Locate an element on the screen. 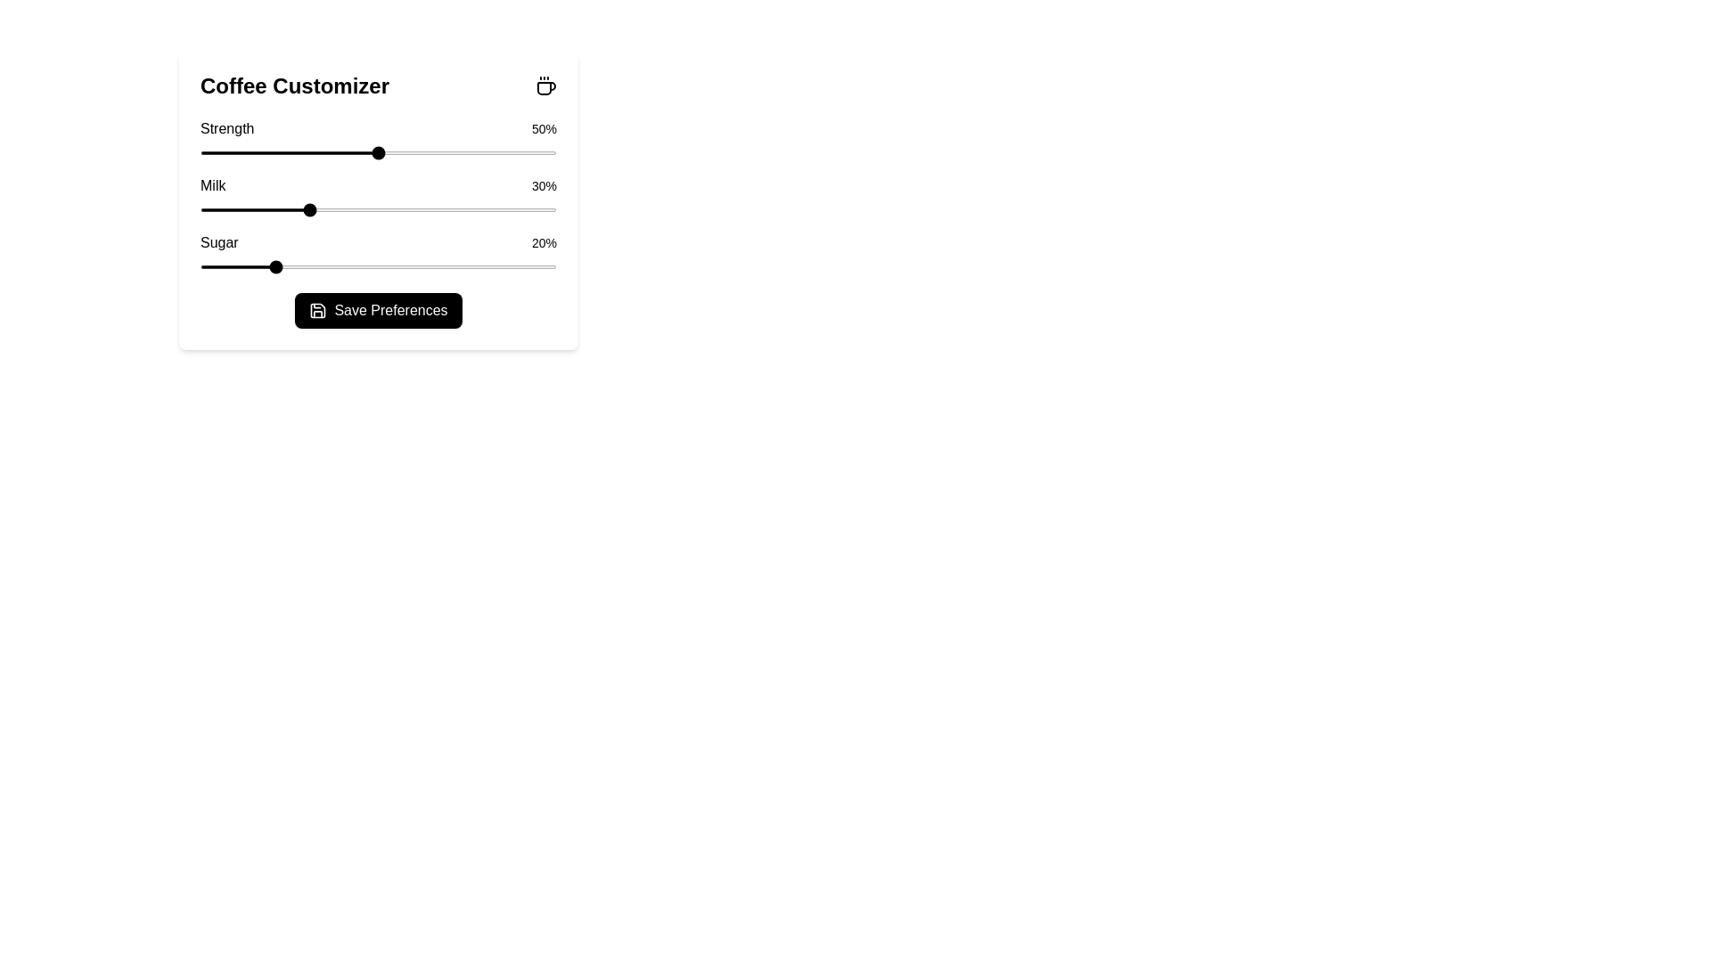 This screenshot has height=962, width=1711. the text label displaying '20%' which is located to the right of the 'Sugar' label in the same horizontal layout group is located at coordinates (543, 243).